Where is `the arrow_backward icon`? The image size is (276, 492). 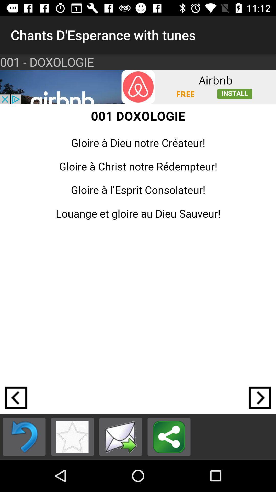
the arrow_backward icon is located at coordinates (16, 397).